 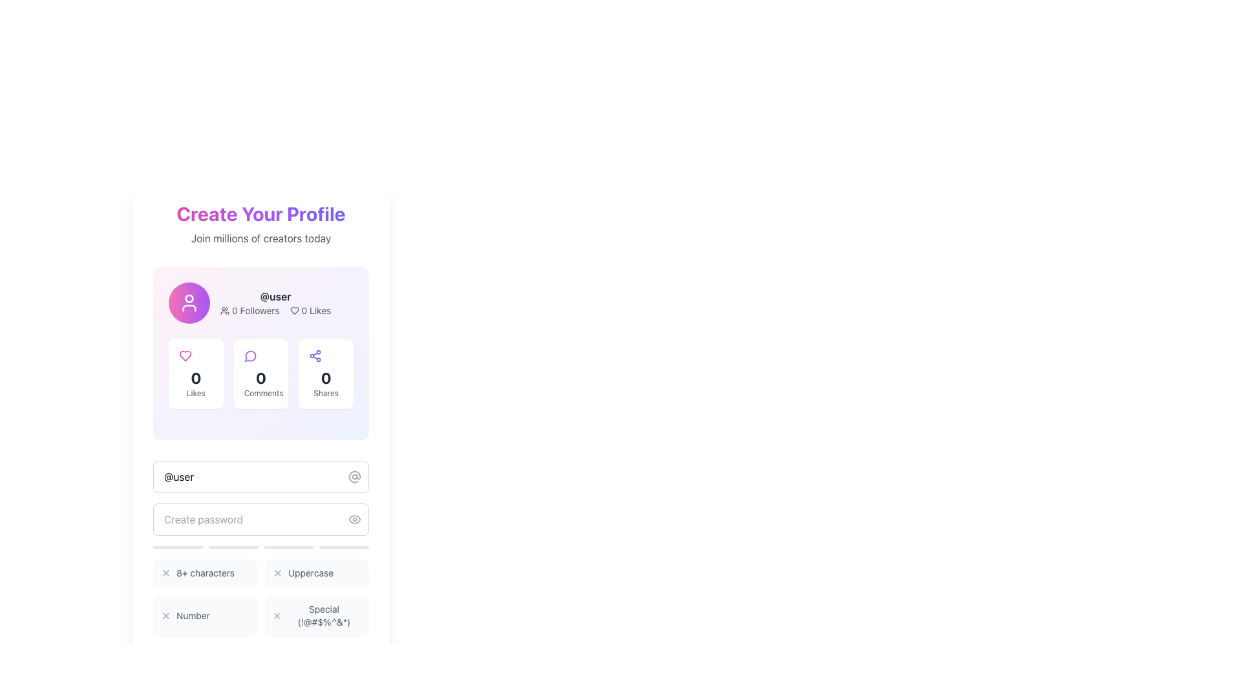 I want to click on the eye icon, which is a minimalist line-stroke design located near the middle-right region of the form, directly above the password input field, so click(x=354, y=518).